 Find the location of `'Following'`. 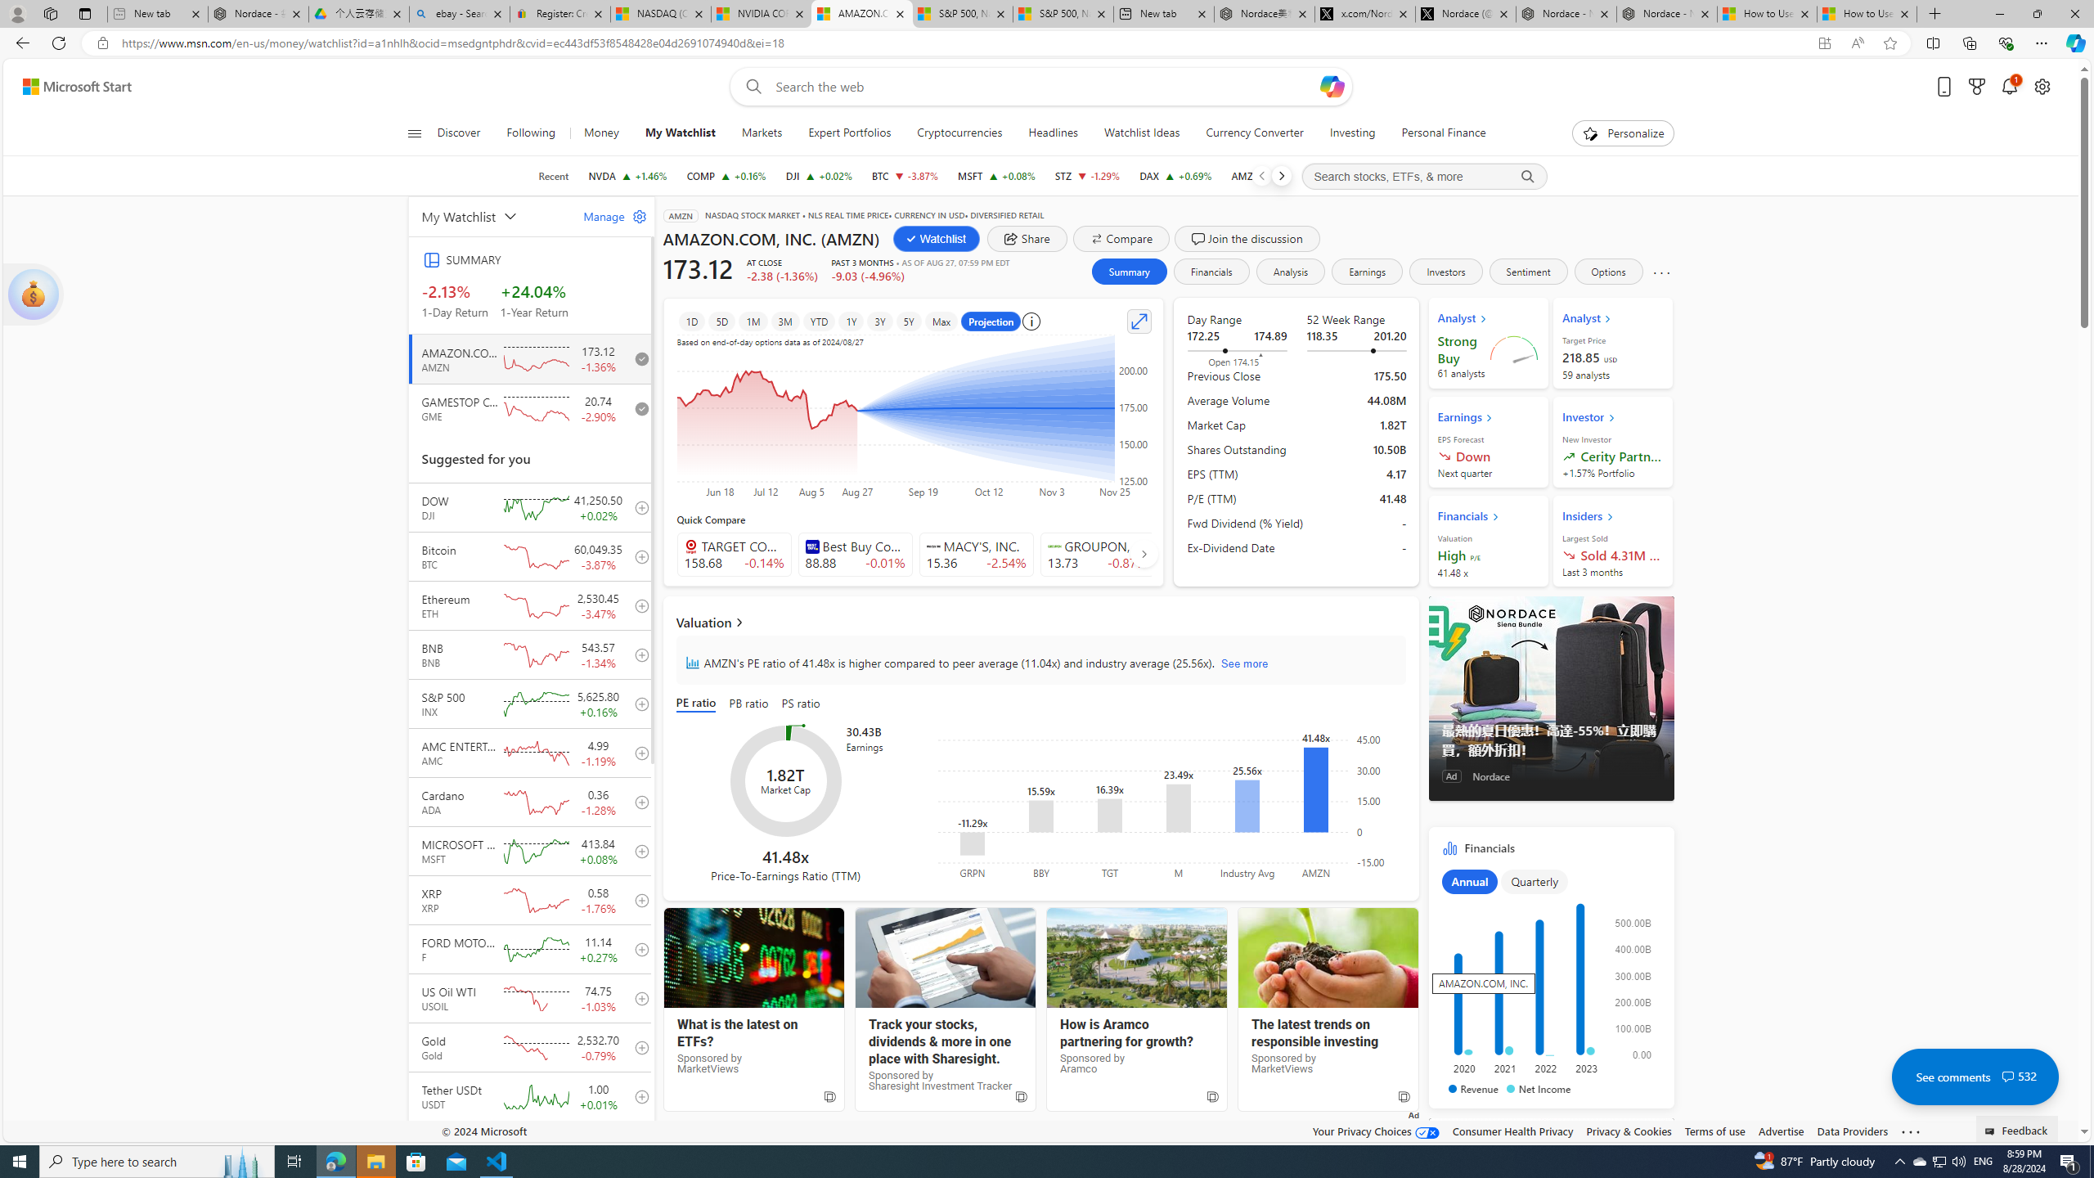

'Following' is located at coordinates (530, 133).